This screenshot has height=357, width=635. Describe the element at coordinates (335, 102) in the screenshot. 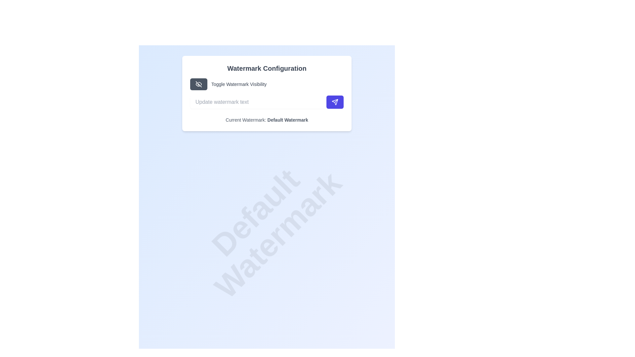

I see `the action button located to the far right of the input box` at that location.